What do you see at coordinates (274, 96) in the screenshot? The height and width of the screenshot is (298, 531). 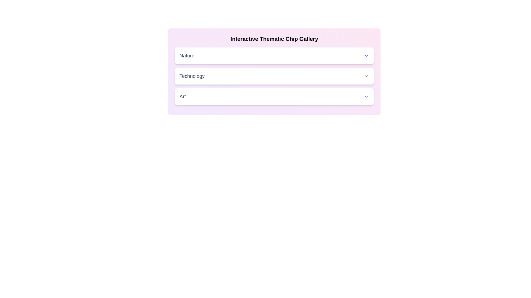 I see `the Art title to expand its section` at bounding box center [274, 96].